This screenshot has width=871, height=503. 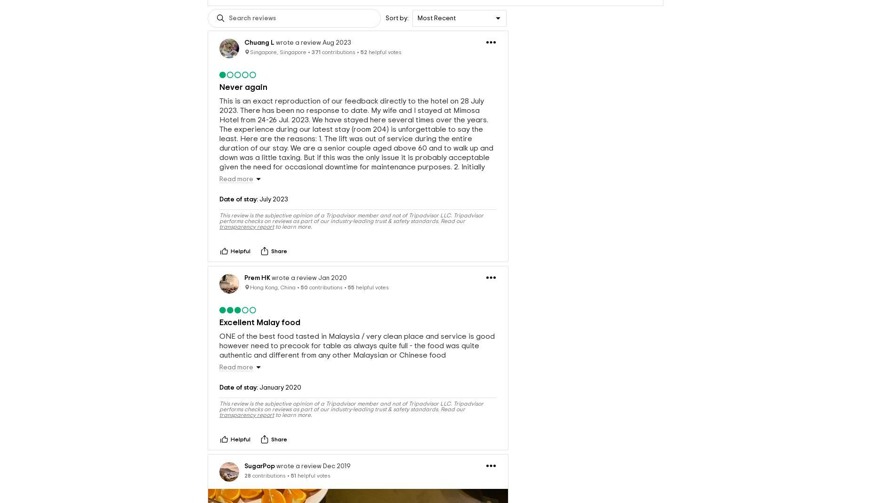 I want to click on 'Excellent Malay food', so click(x=219, y=322).